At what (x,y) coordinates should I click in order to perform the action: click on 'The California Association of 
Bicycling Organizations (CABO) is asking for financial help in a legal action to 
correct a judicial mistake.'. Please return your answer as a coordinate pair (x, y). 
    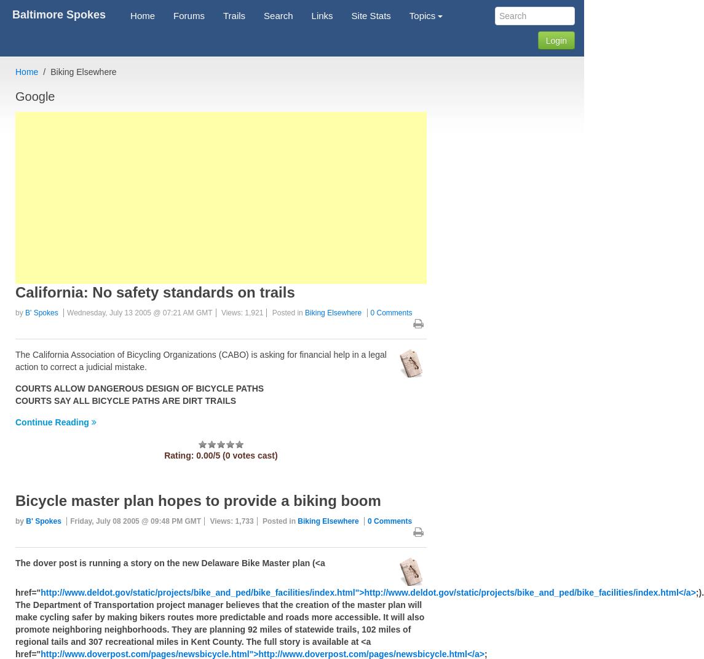
    Looking at the image, I should click on (15, 360).